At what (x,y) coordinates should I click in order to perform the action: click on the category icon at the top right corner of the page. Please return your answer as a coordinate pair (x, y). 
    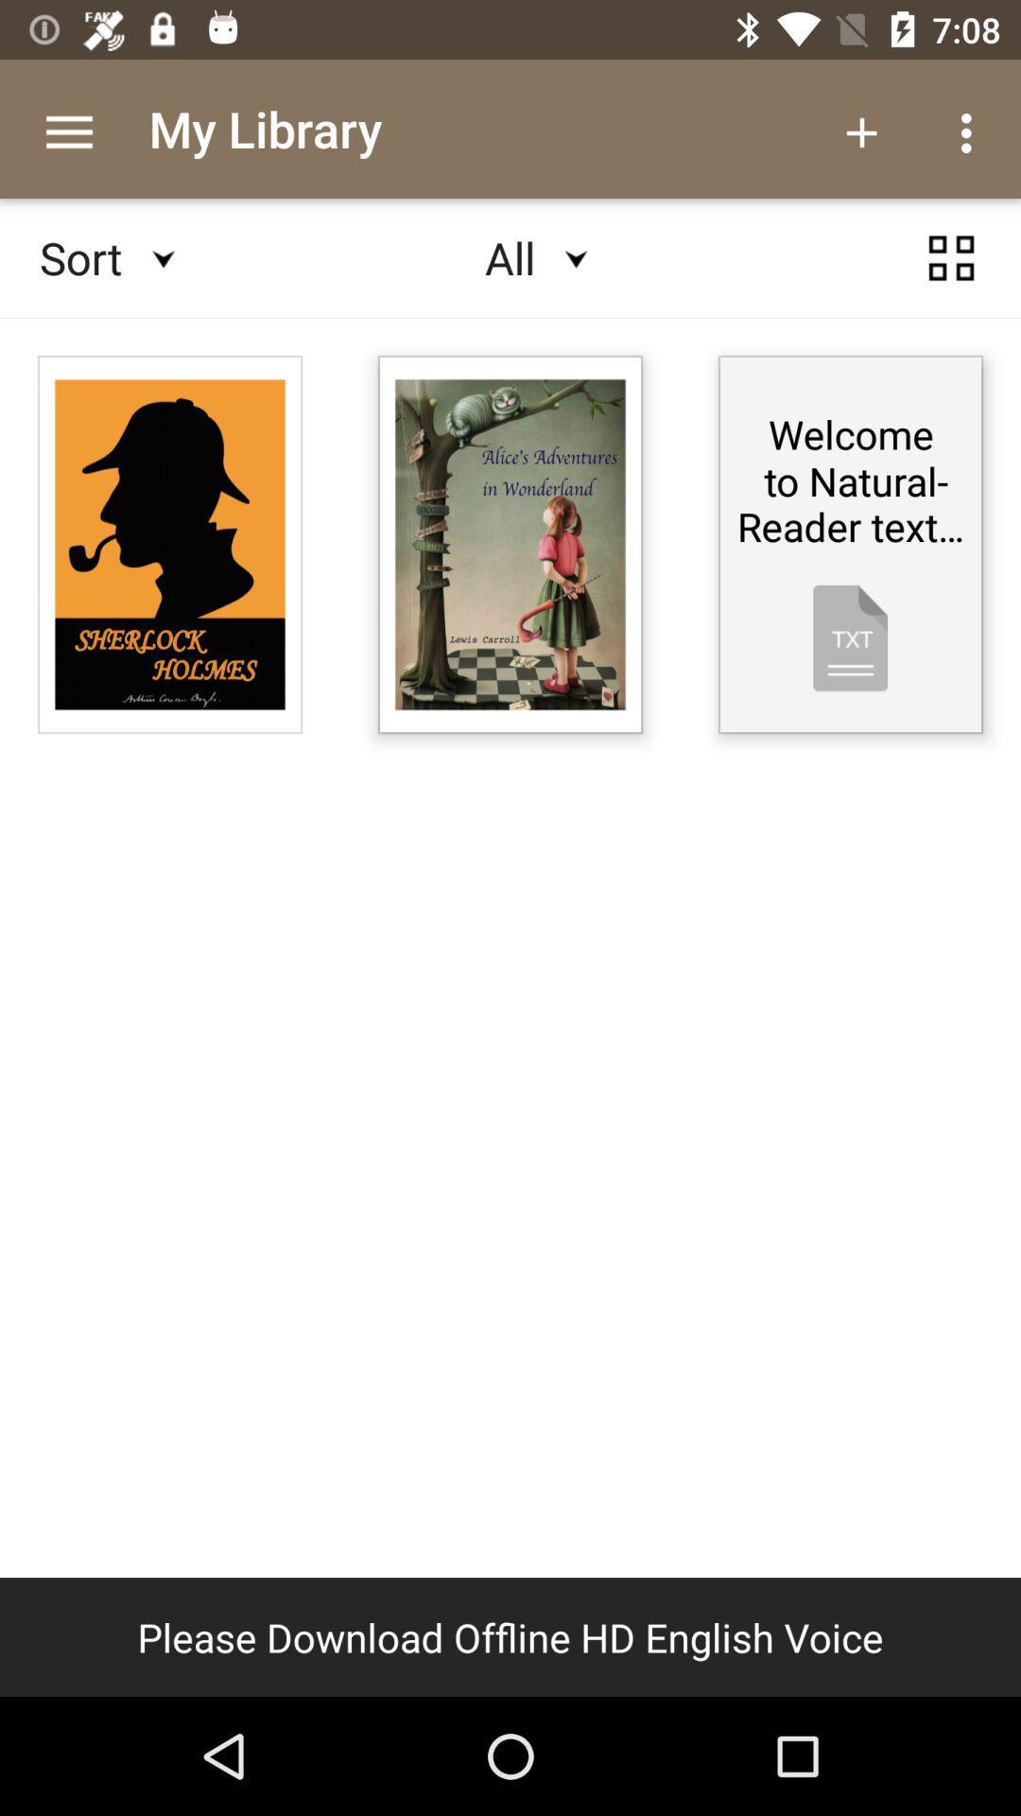
    Looking at the image, I should click on (951, 257).